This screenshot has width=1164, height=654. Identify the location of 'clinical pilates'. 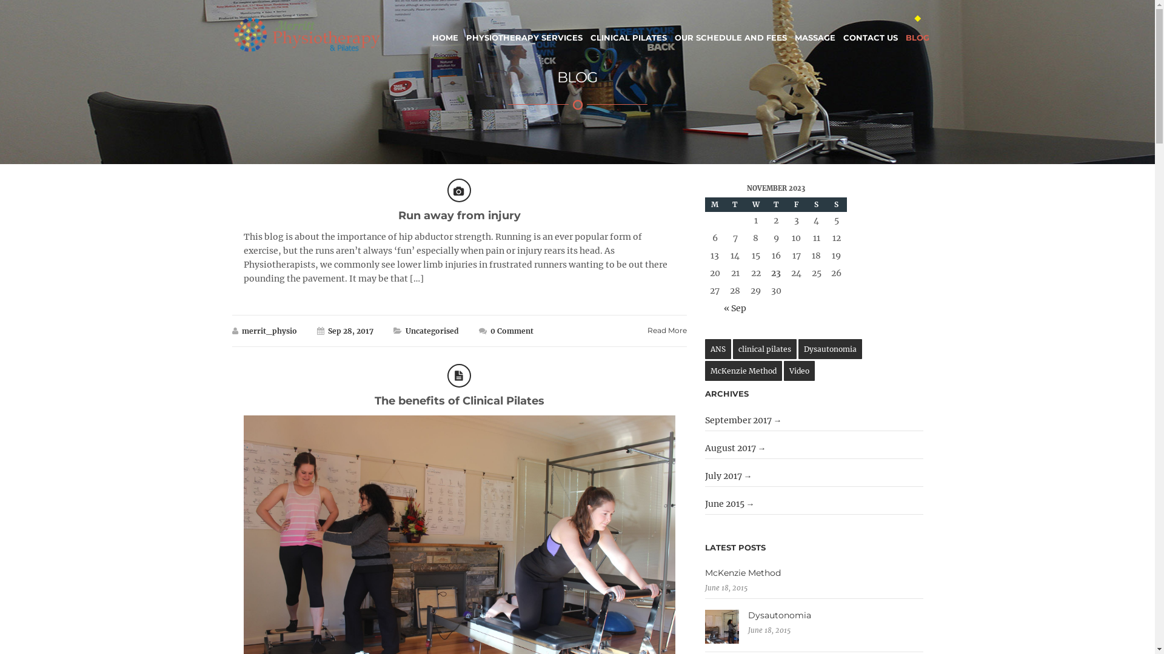
(764, 349).